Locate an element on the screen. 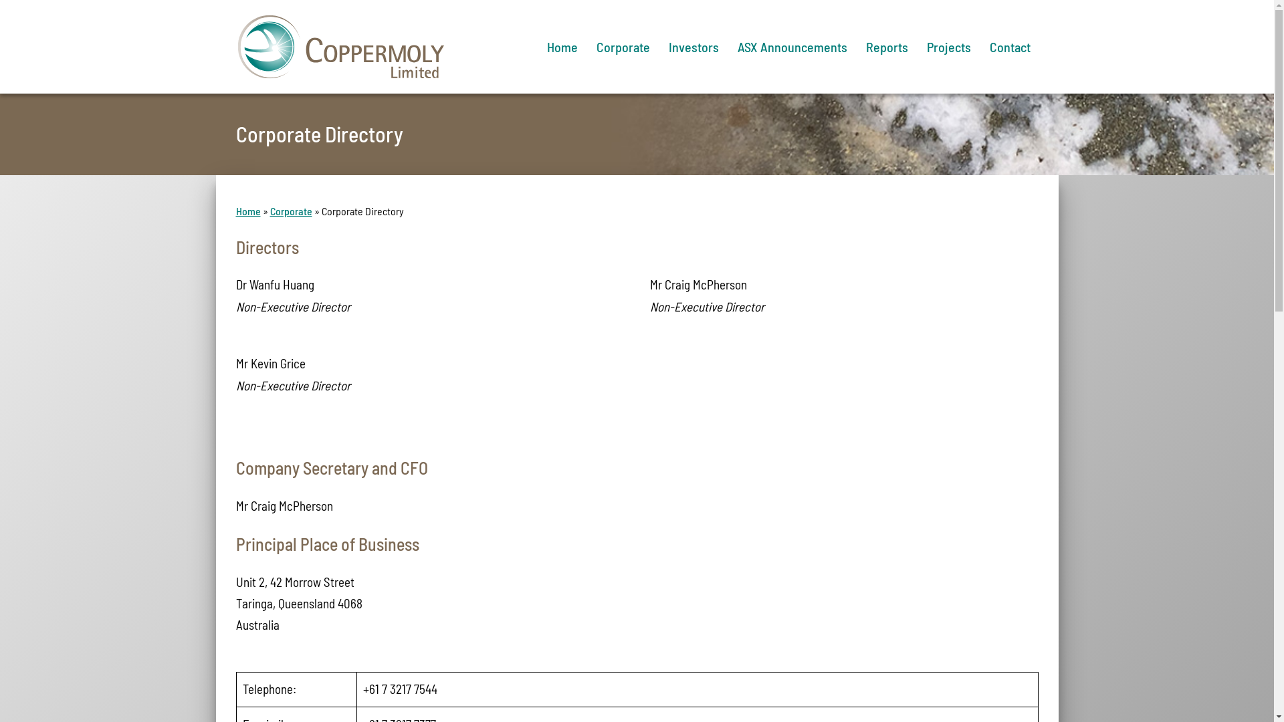 This screenshot has width=1284, height=722. 'ASX Announcements' is located at coordinates (792, 45).